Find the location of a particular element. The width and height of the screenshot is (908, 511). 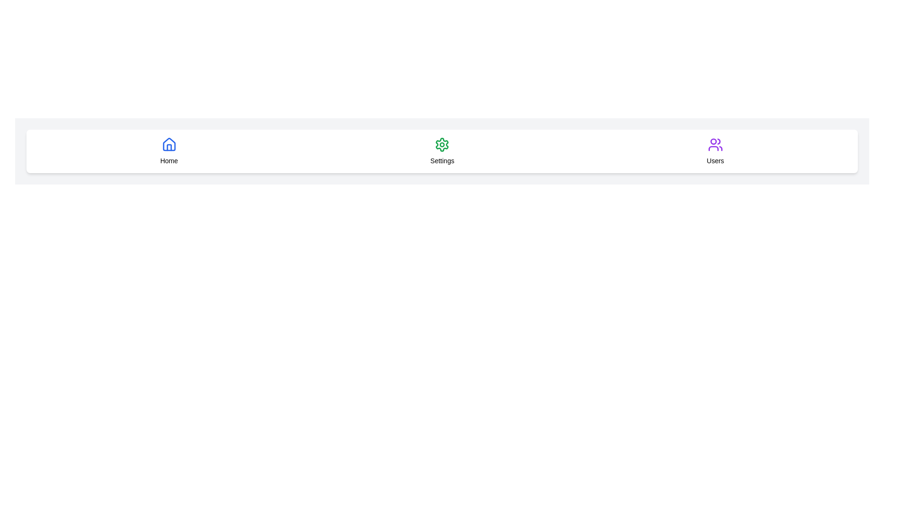

the group of people icon in the 'Users' section is located at coordinates (715, 144).